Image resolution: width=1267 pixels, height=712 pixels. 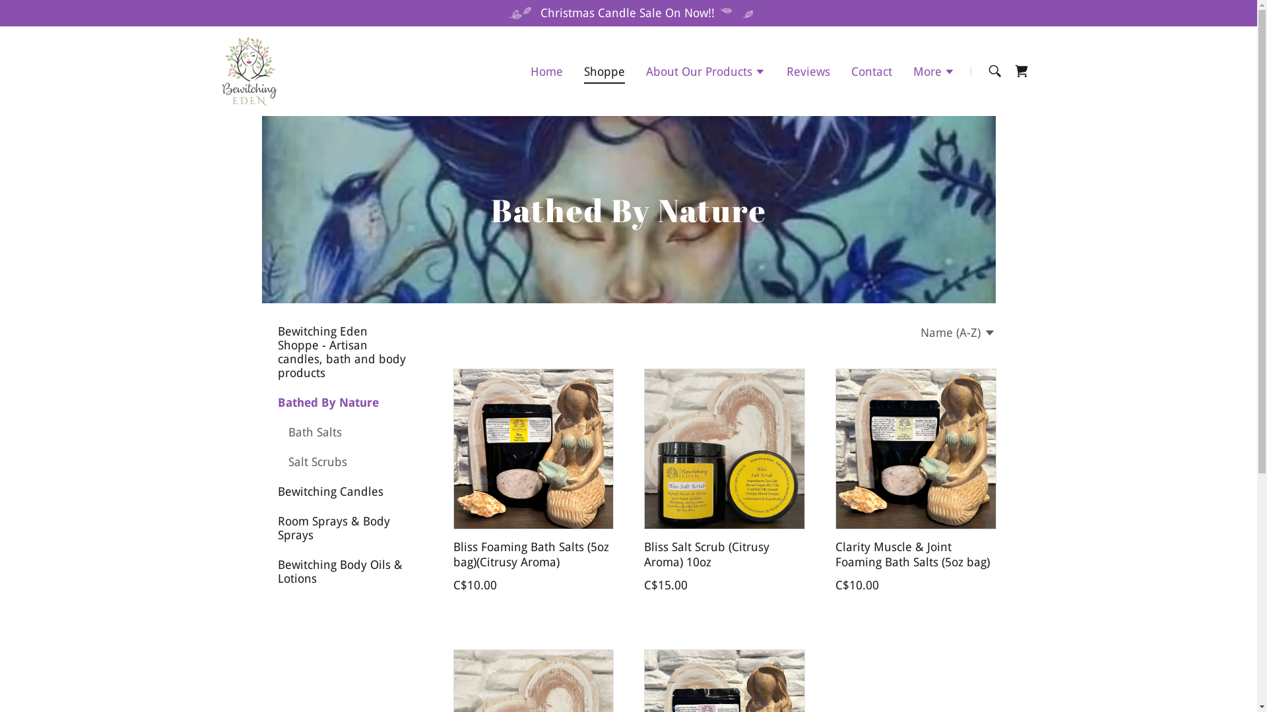 I want to click on 'Contact', so click(x=871, y=71).